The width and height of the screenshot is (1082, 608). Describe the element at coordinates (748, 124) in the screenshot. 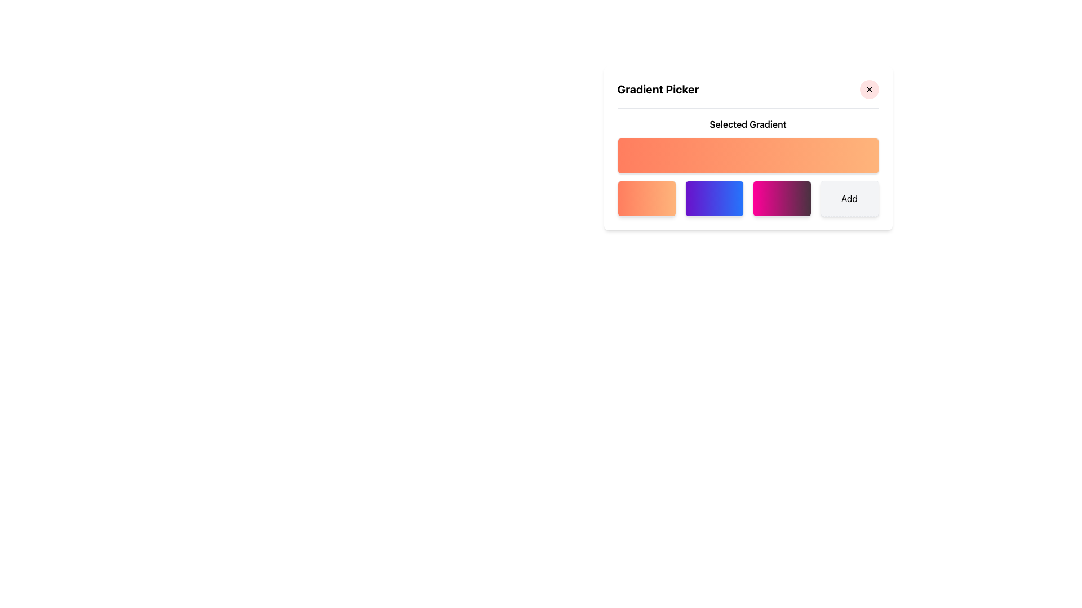

I see `the title or label indicating the current selection within the gradient picker interface, which is positioned above the horizontal gradient background display` at that location.